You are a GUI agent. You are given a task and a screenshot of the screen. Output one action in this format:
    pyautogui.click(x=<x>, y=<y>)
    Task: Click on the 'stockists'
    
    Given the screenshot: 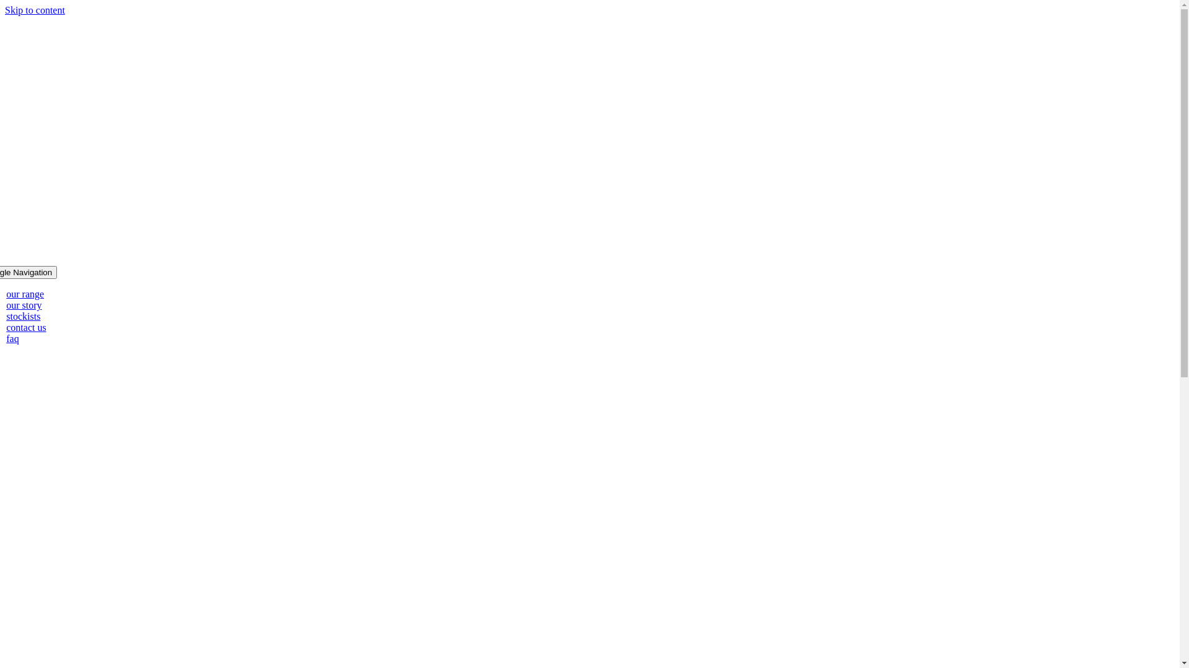 What is the action you would take?
    pyautogui.click(x=23, y=315)
    